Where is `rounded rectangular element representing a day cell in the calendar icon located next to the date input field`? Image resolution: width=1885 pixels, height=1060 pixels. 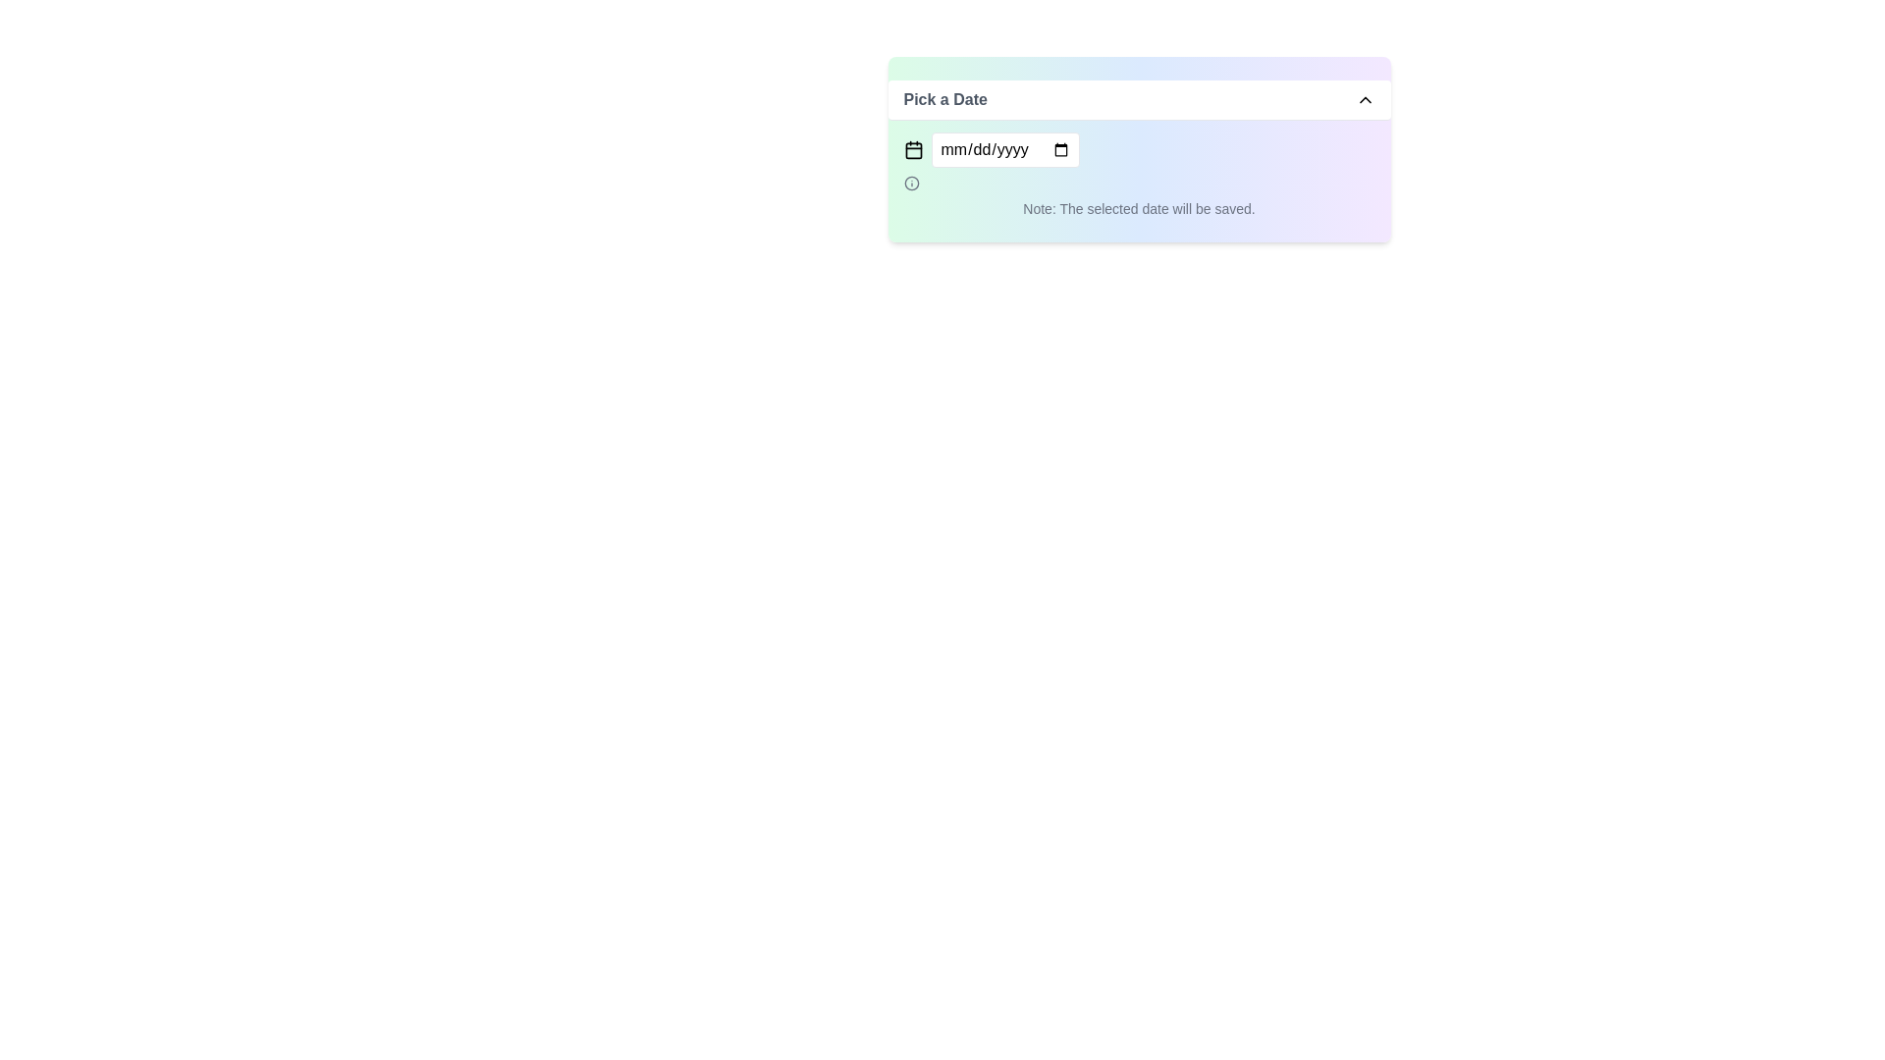
rounded rectangular element representing a day cell in the calendar icon located next to the date input field is located at coordinates (912, 149).